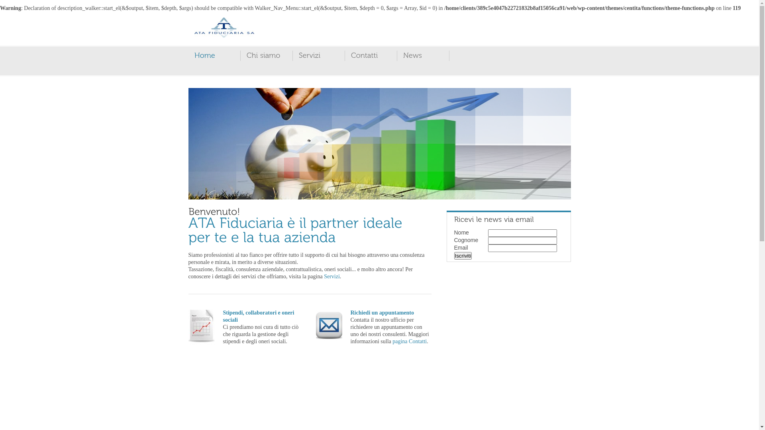  I want to click on 'pagina Contatti', so click(392, 341).